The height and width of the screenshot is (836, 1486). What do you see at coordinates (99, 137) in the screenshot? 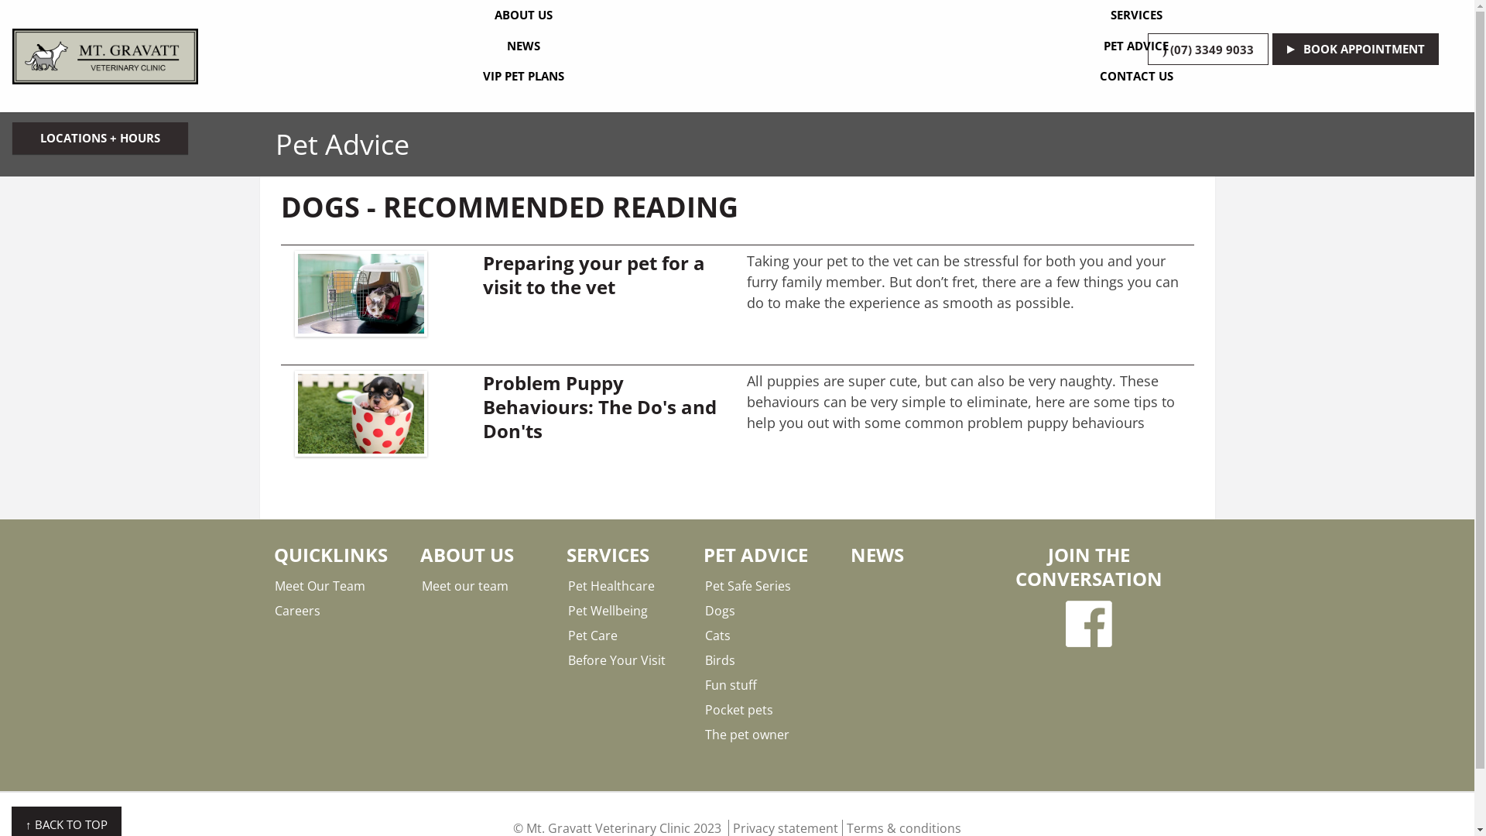
I see `'LOCATIONS + HOURS'` at bounding box center [99, 137].